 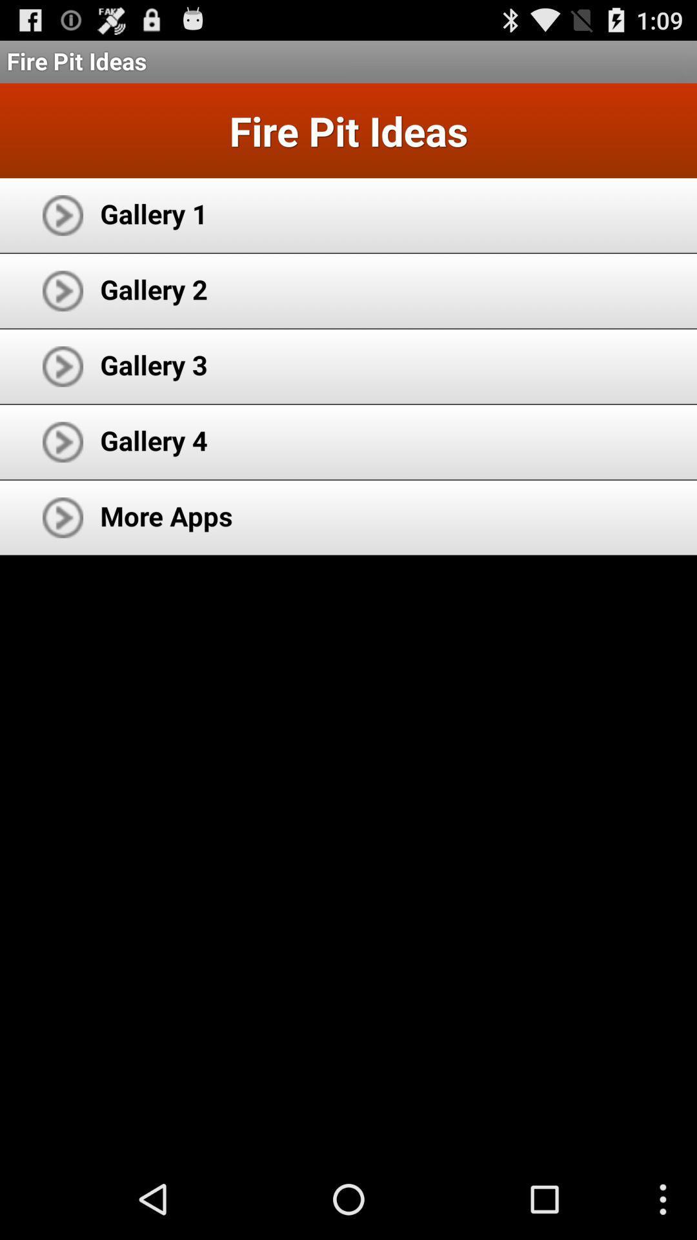 What do you see at coordinates (153, 288) in the screenshot?
I see `gallery 2` at bounding box center [153, 288].